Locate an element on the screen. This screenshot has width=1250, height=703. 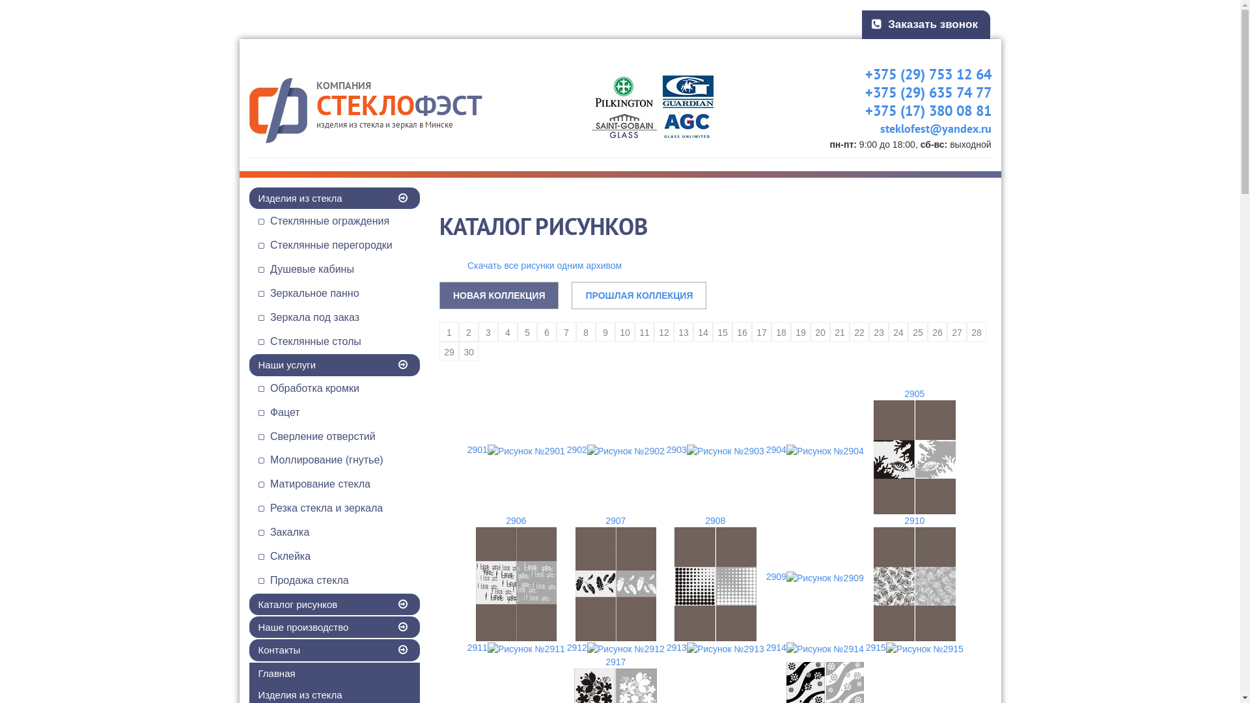
'10' is located at coordinates (615, 331).